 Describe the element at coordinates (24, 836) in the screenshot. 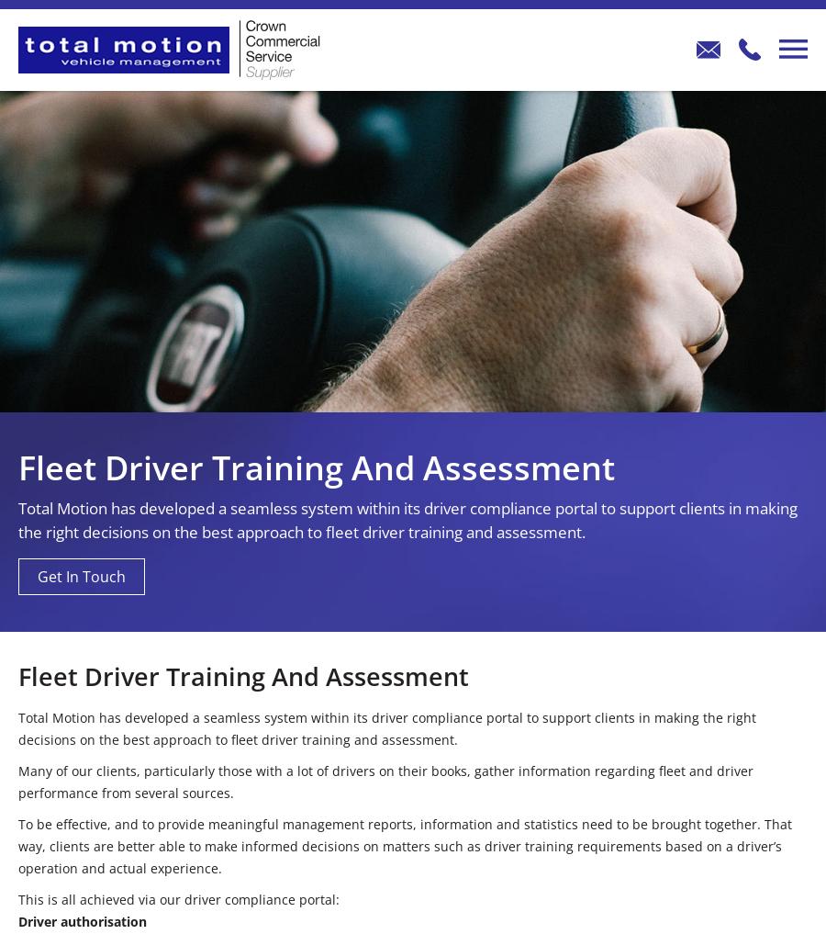

I see `'This website uses cookies so that we can give the best possible browser experience and provide a better service. If you continue without changing your cookie settings, we assume that you consent to our use of cookies on this device. You can change your cookie settings at any time but if you do, you may lose some functionality on our website. See our'` at that location.